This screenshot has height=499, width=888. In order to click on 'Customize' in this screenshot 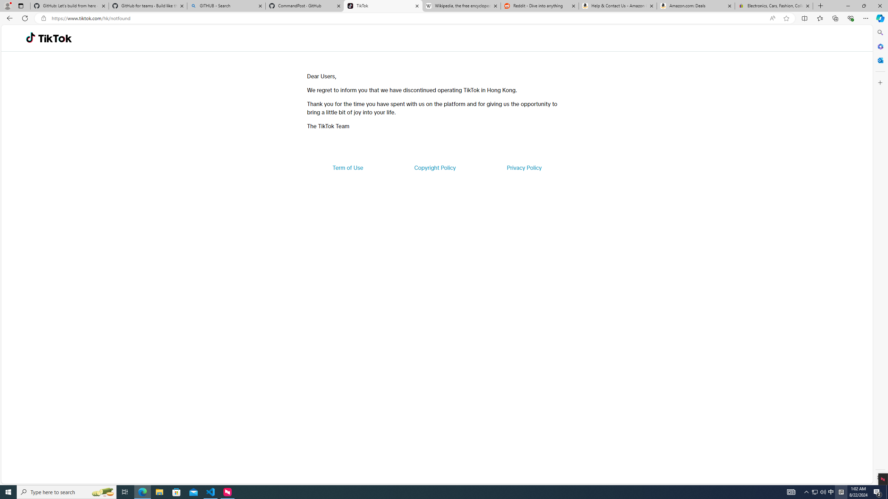, I will do `click(879, 82)`.